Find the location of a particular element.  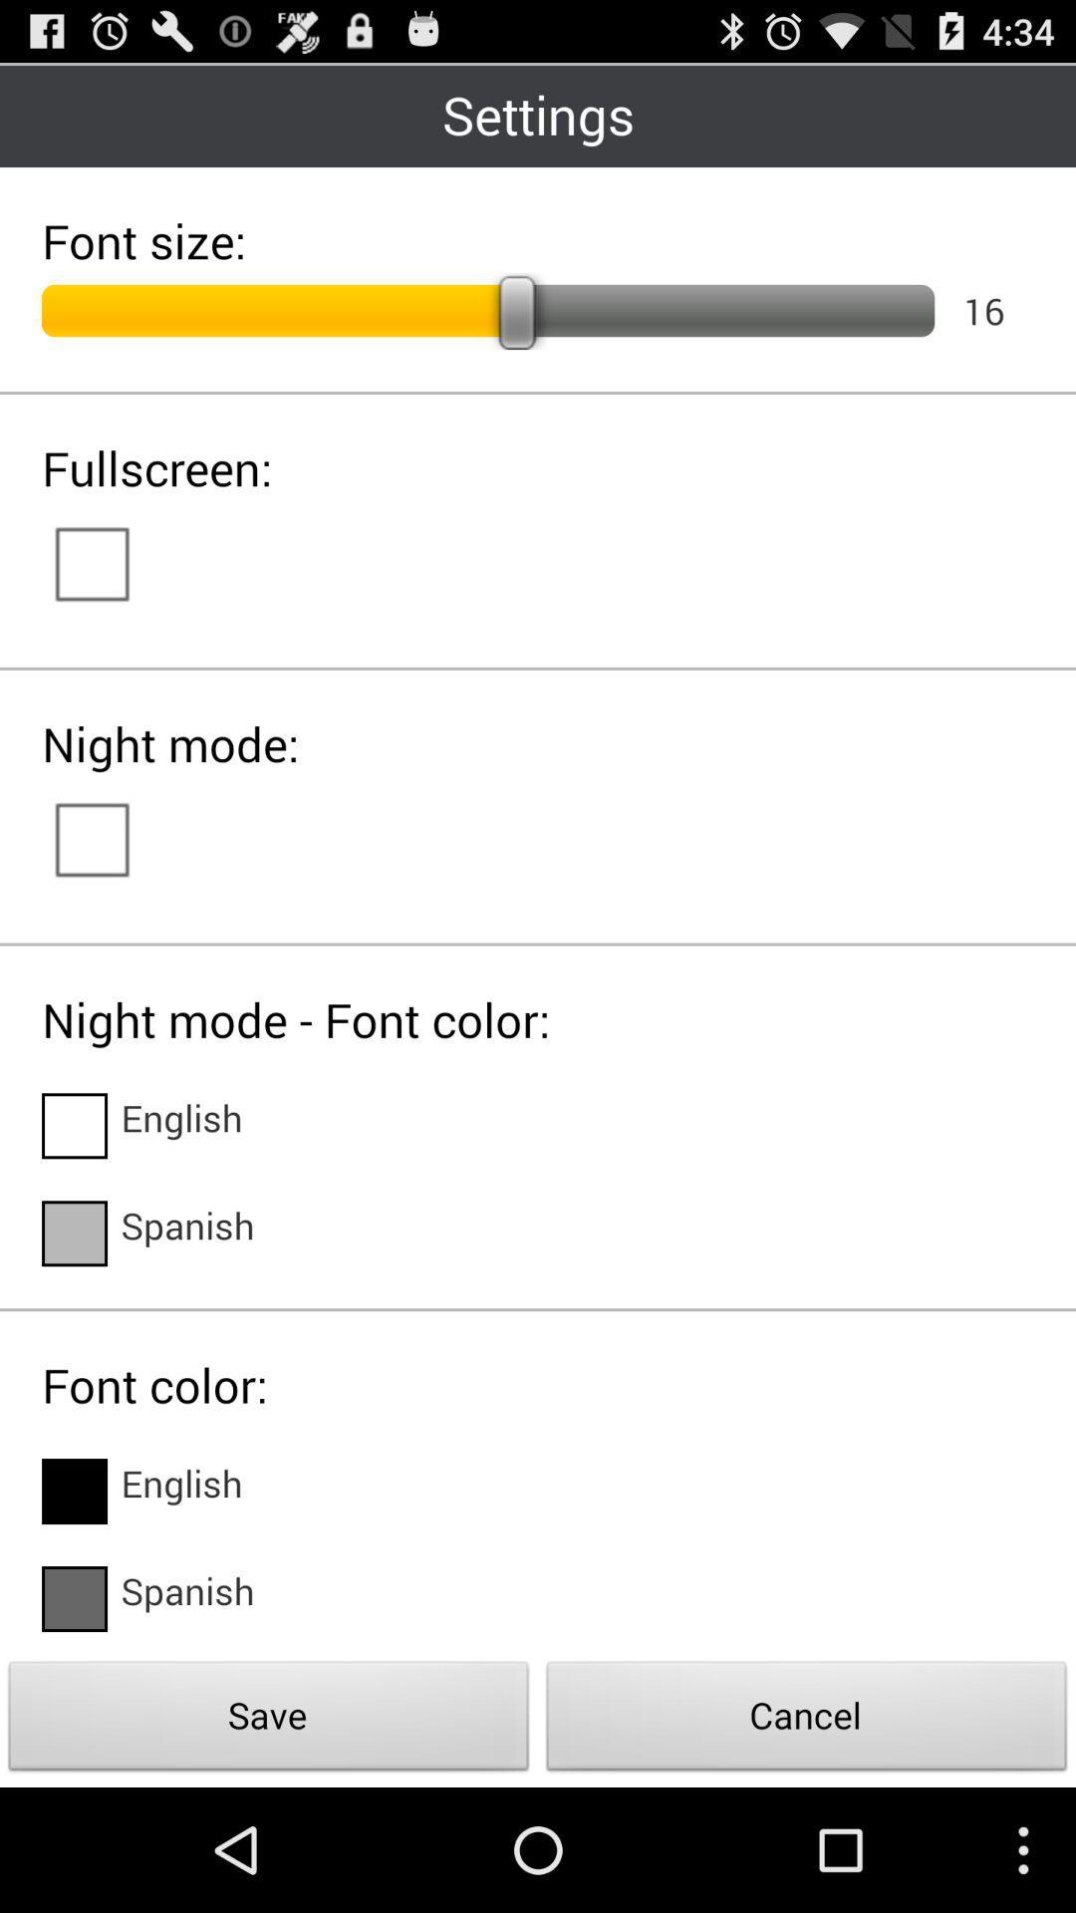

language is located at coordinates (73, 1492).